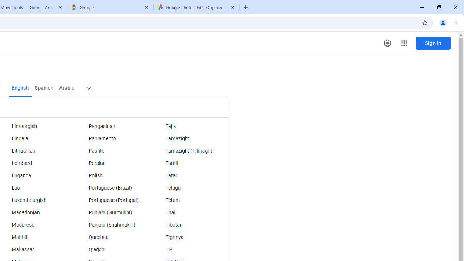 The width and height of the screenshot is (464, 261). What do you see at coordinates (110, 7) in the screenshot?
I see `'Google'` at bounding box center [110, 7].